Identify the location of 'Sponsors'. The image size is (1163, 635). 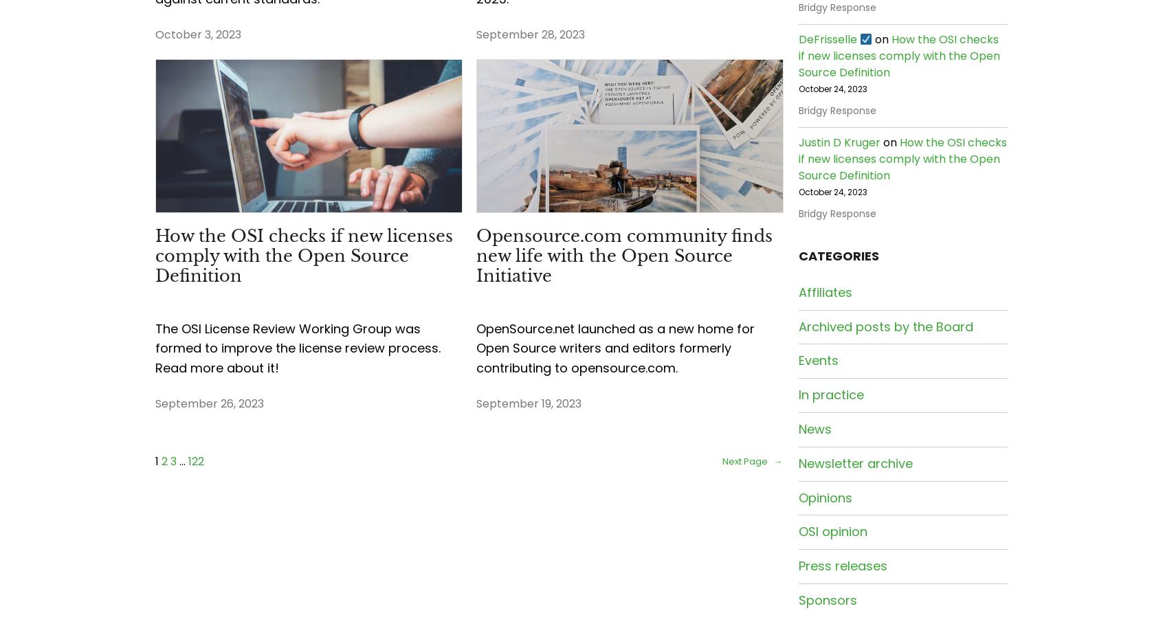
(798, 599).